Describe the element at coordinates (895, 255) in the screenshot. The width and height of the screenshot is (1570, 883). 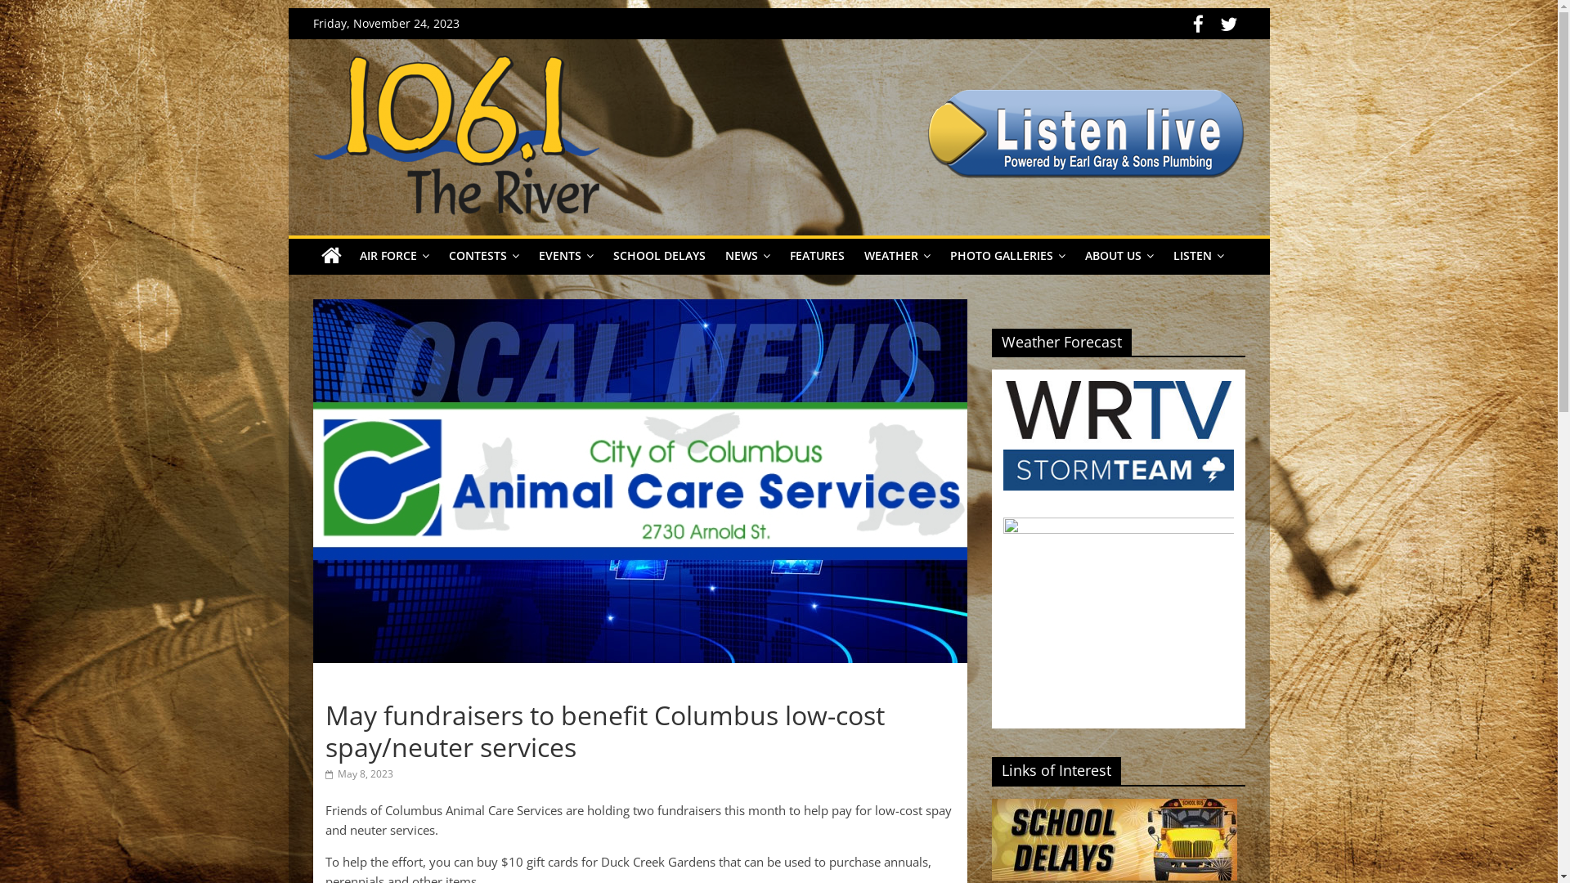
I see `'WEATHER'` at that location.